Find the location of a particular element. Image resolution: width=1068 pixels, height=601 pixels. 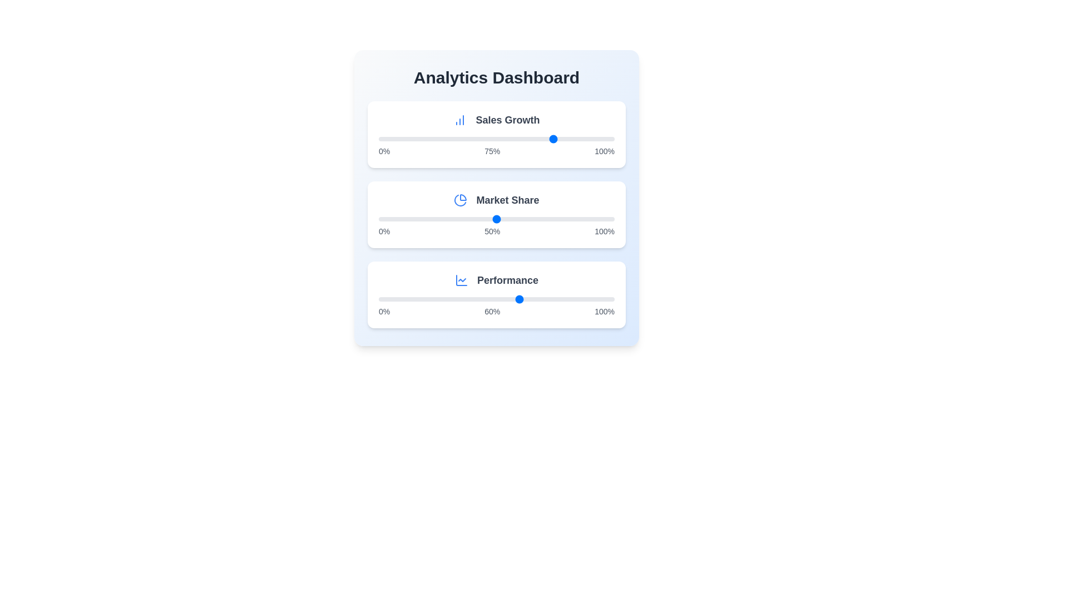

the 'Performance' slider to 68 percent is located at coordinates (539, 298).